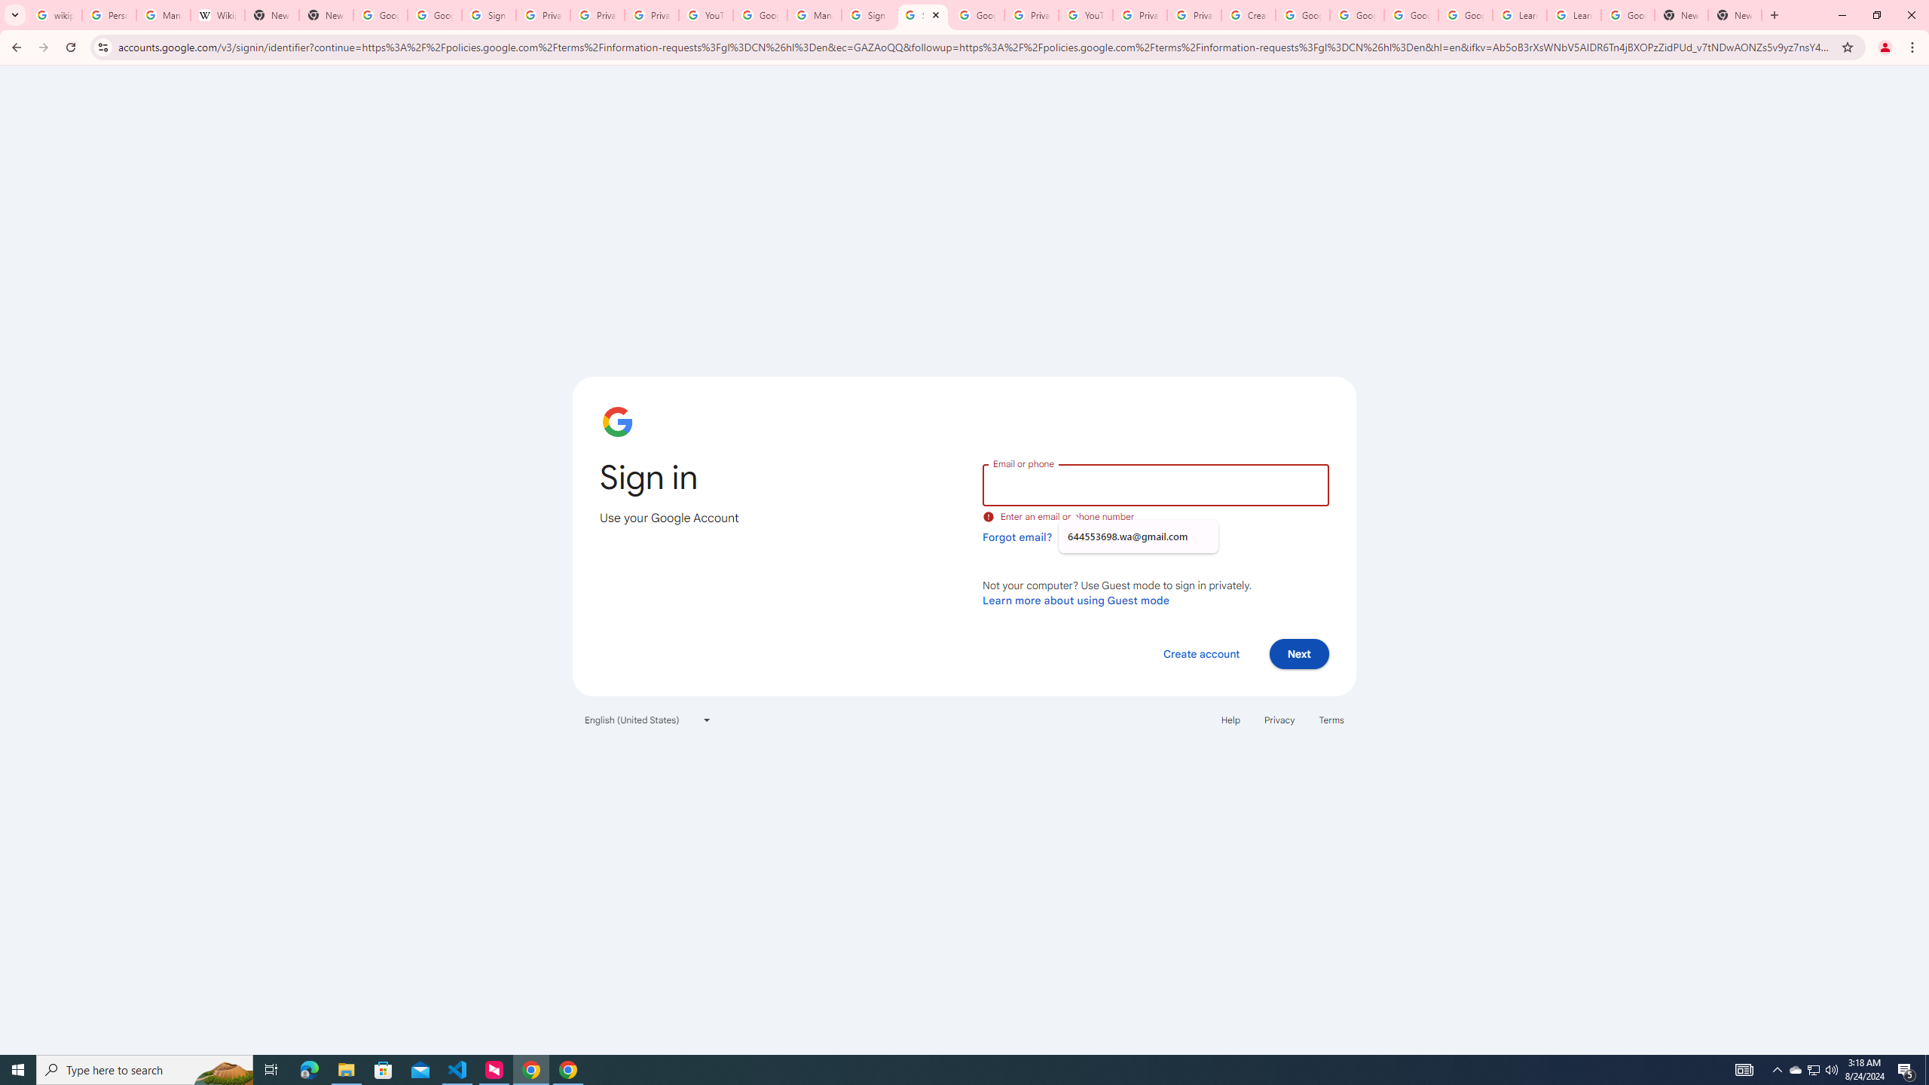 This screenshot has width=1929, height=1085. I want to click on 'Email or phone', so click(1154, 484).